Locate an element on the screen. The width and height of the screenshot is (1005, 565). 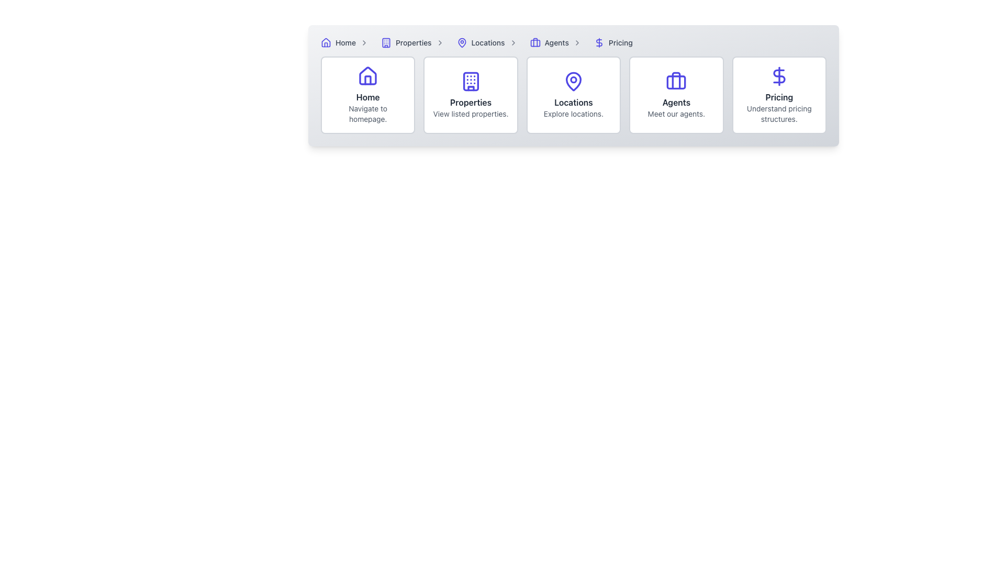
the graphic icon representing the 'Agents' category located within the fourth card of the navigation section is located at coordinates (676, 81).